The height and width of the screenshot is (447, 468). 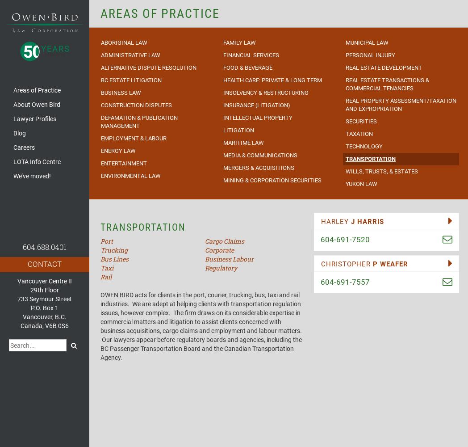 What do you see at coordinates (44, 247) in the screenshot?
I see `'604.688.0401'` at bounding box center [44, 247].